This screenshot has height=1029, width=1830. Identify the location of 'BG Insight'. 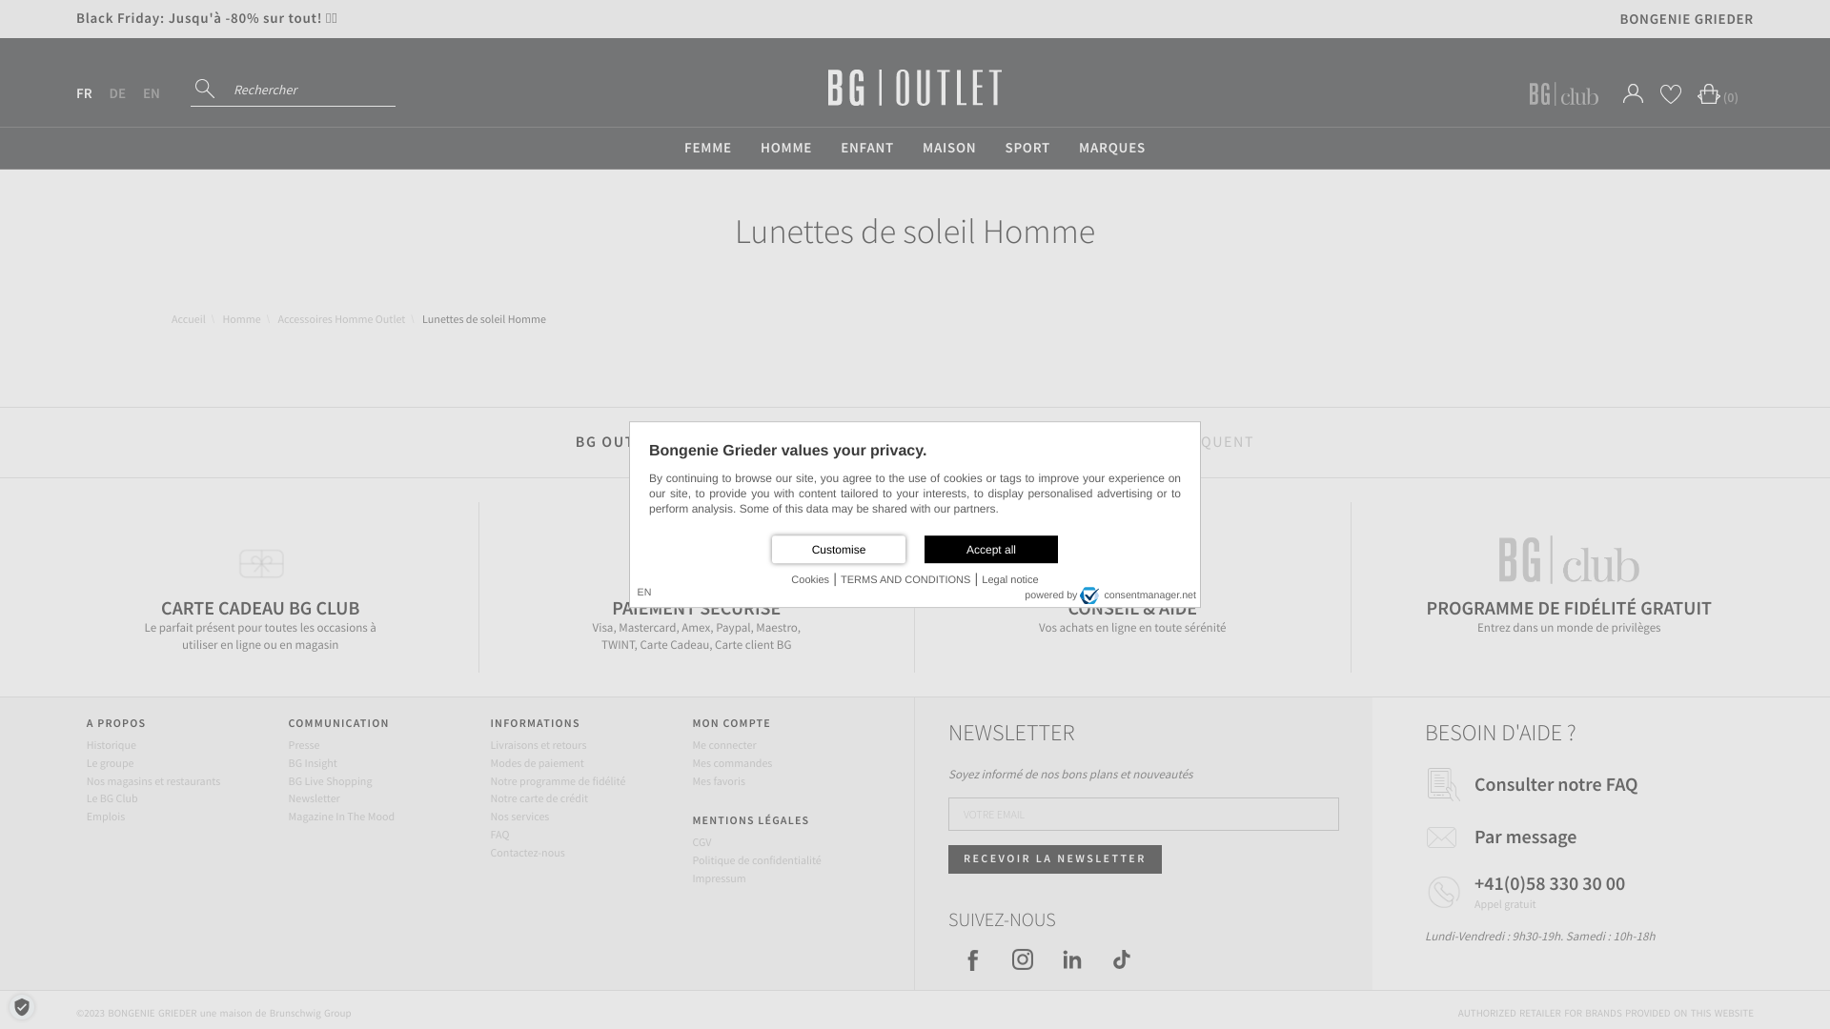
(313, 762).